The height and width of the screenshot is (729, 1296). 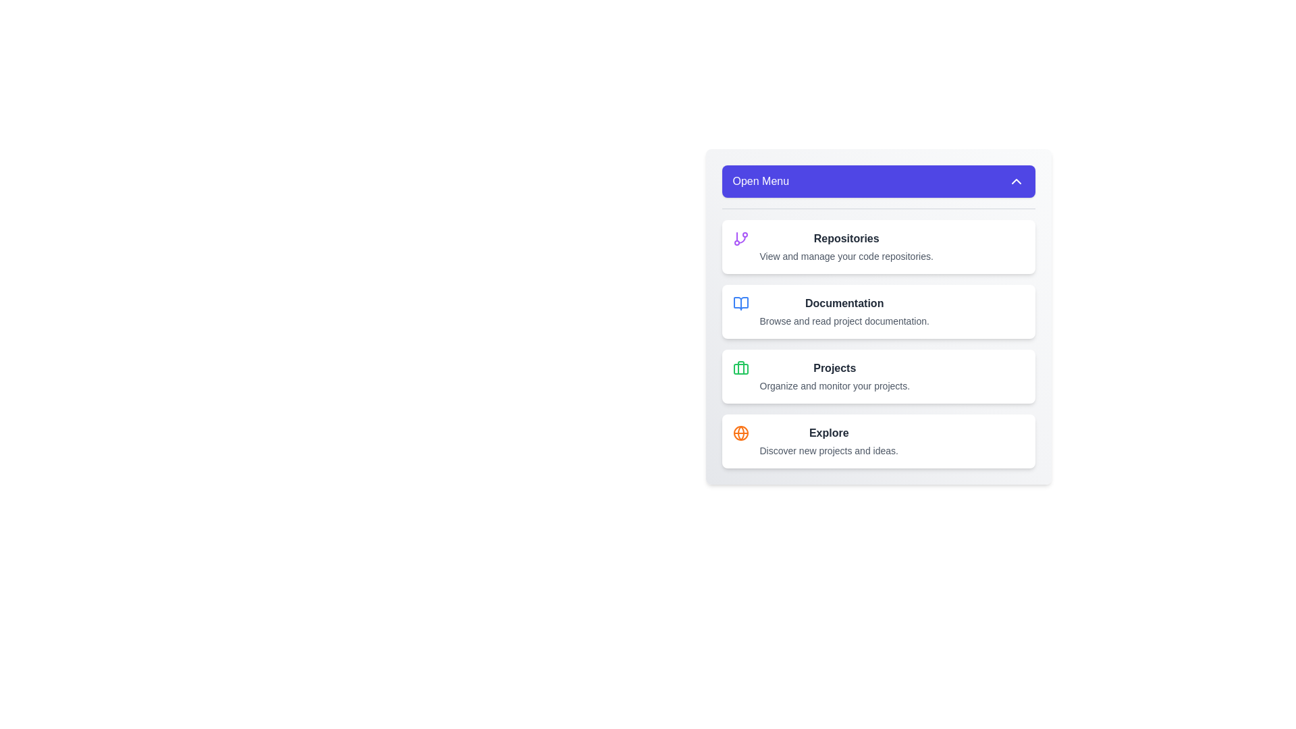 What do you see at coordinates (740, 304) in the screenshot?
I see `the small blue book-like icon located adjacent to the title 'Documentation' for visual context` at bounding box center [740, 304].